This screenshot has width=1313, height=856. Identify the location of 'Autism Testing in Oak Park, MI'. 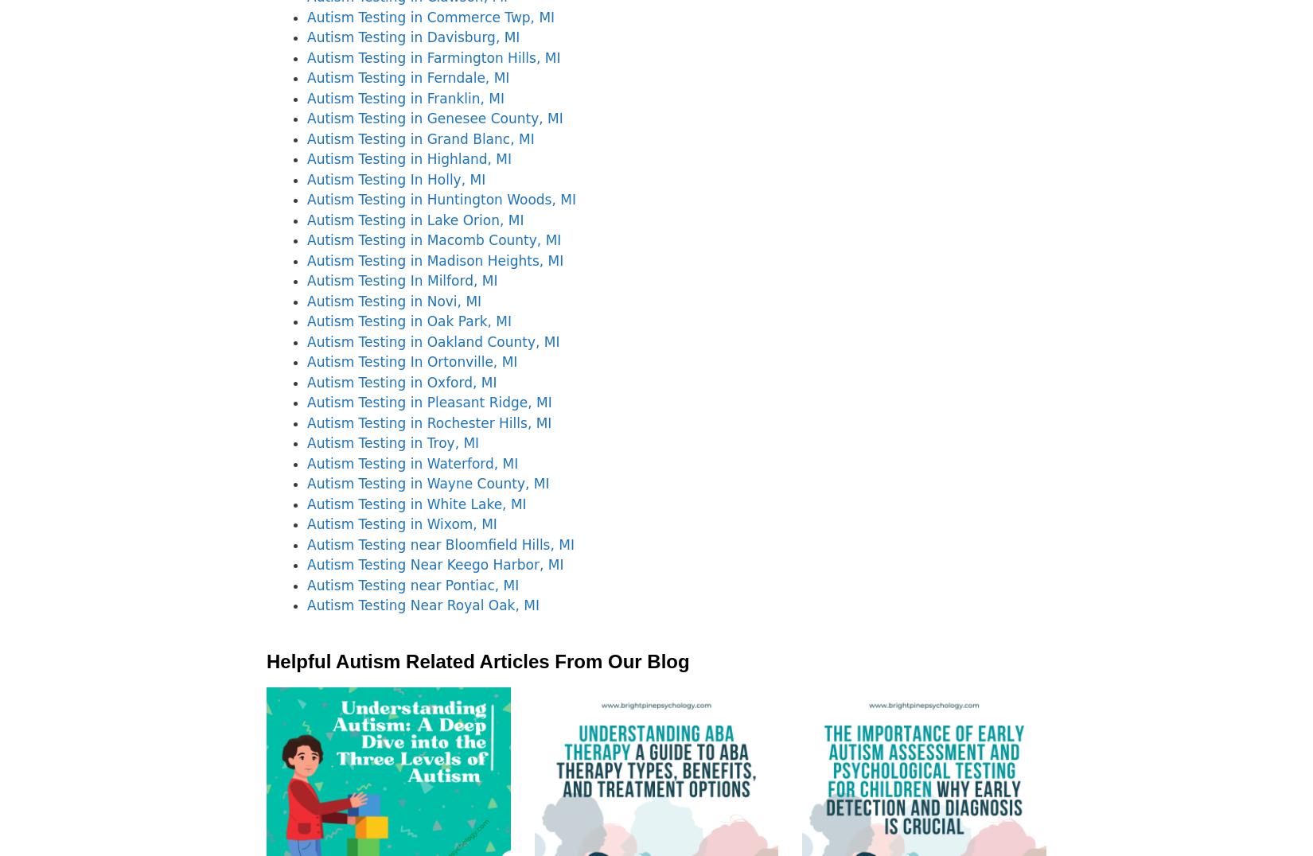
(407, 321).